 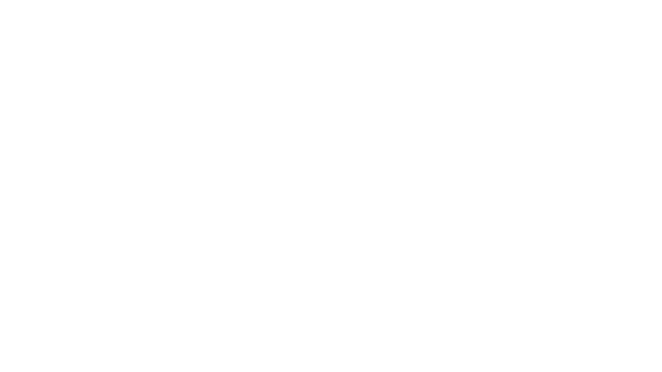 I want to click on GRID, so click(x=568, y=167).